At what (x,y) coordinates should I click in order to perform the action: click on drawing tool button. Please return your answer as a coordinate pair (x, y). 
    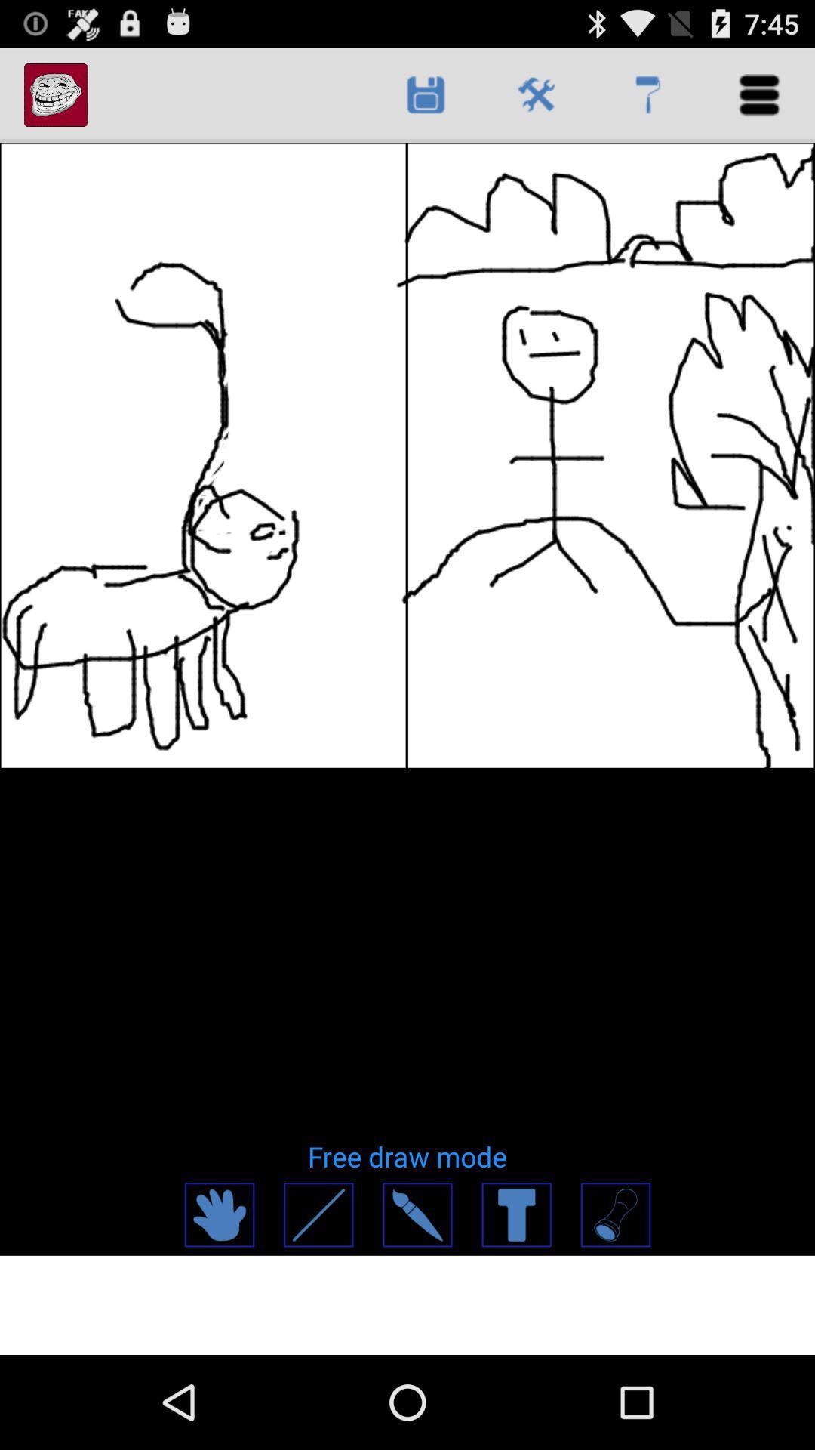
    Looking at the image, I should click on (615, 1214).